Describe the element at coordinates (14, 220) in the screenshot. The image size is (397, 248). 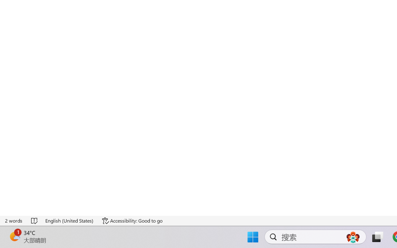
I see `'Word Count 2 words'` at that location.